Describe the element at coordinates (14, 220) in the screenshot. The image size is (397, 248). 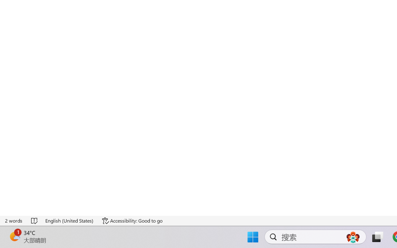
I see `'Word Count 2 words'` at that location.